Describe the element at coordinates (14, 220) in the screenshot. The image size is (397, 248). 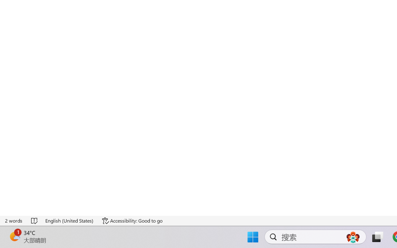
I see `'Word Count 2 words'` at that location.